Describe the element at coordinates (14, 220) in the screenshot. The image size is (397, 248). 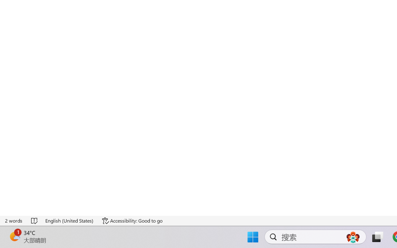
I see `'Word Count 2 words'` at that location.